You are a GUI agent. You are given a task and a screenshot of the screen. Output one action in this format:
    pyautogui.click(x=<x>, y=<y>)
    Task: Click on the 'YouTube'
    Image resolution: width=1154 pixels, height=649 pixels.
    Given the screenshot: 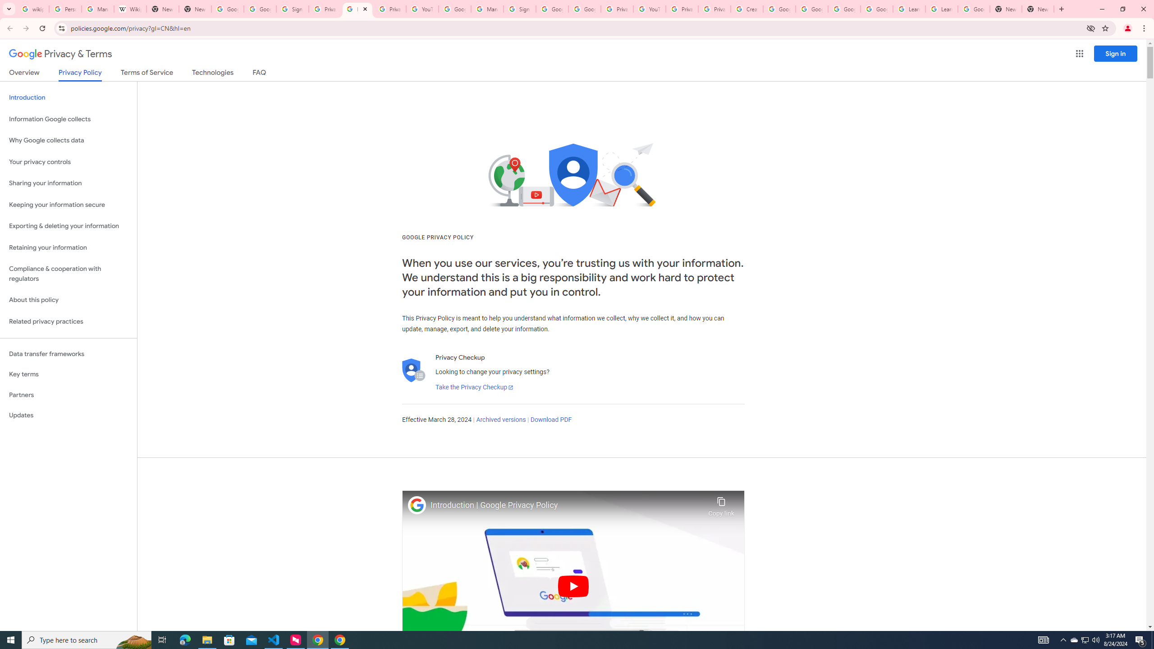 What is the action you would take?
    pyautogui.click(x=649, y=9)
    